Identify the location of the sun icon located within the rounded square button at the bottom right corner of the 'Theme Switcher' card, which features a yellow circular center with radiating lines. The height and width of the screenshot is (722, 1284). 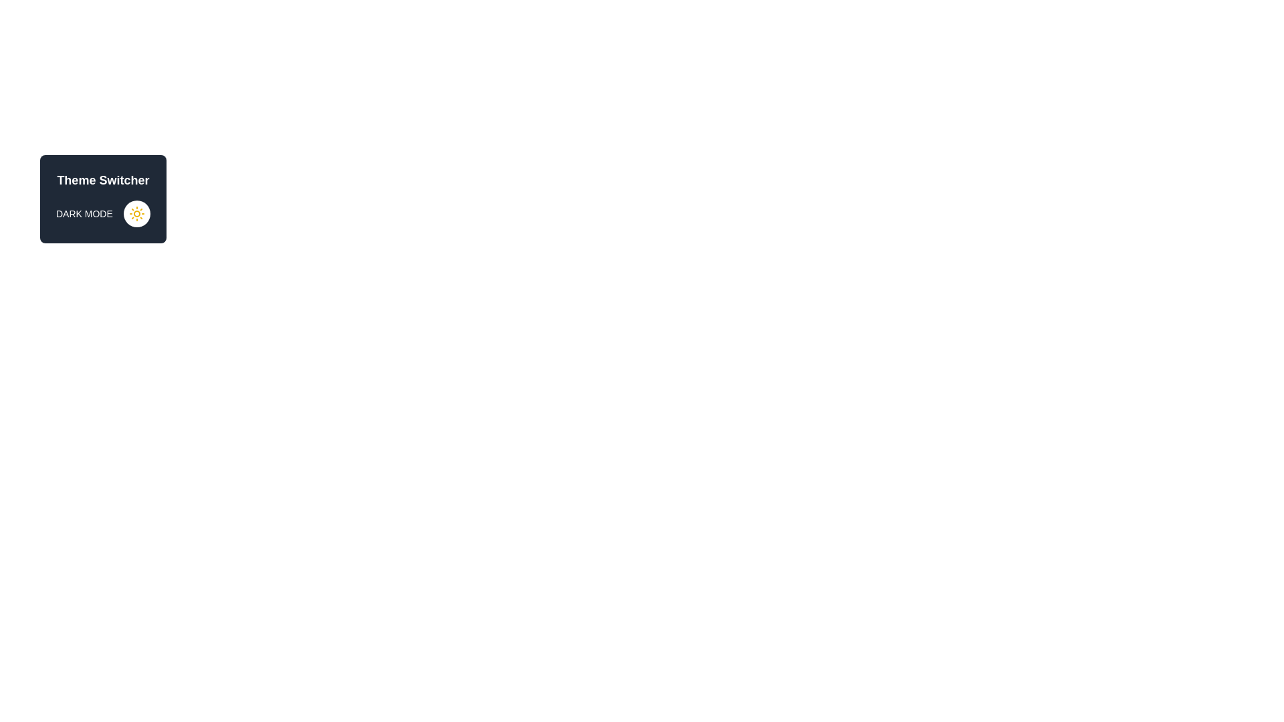
(136, 213).